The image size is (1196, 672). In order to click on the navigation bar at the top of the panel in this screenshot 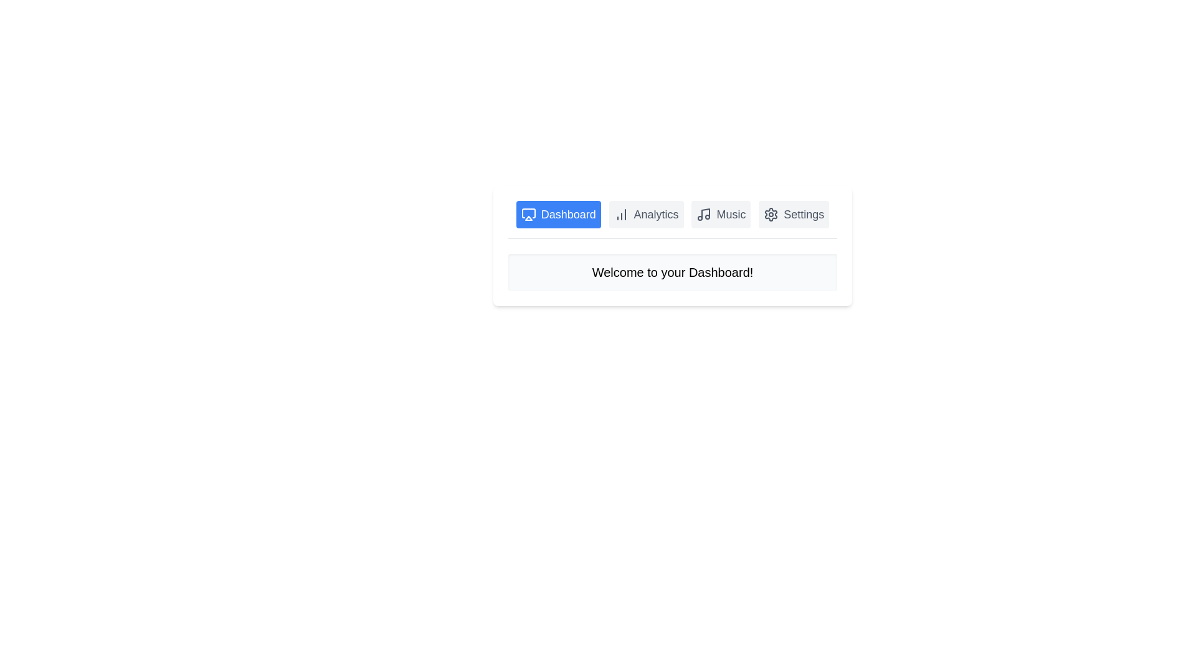, I will do `click(672, 219)`.